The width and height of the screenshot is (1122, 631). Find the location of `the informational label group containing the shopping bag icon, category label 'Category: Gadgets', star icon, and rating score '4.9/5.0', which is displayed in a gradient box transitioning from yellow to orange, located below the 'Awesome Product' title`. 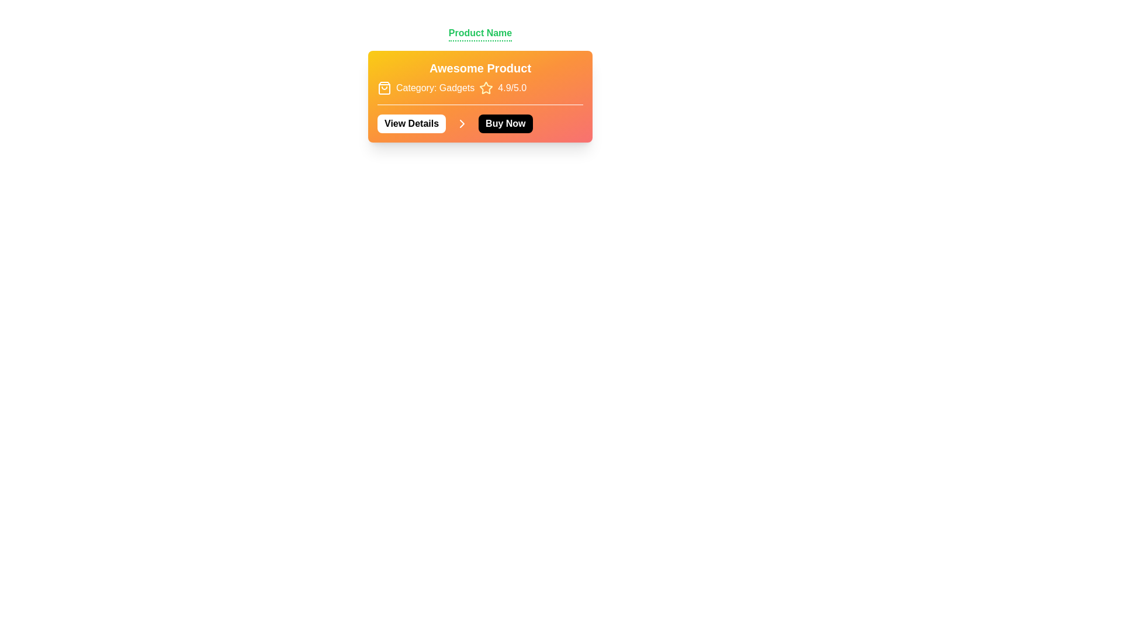

the informational label group containing the shopping bag icon, category label 'Category: Gadgets', star icon, and rating score '4.9/5.0', which is displayed in a gradient box transitioning from yellow to orange, located below the 'Awesome Product' title is located at coordinates (480, 87).